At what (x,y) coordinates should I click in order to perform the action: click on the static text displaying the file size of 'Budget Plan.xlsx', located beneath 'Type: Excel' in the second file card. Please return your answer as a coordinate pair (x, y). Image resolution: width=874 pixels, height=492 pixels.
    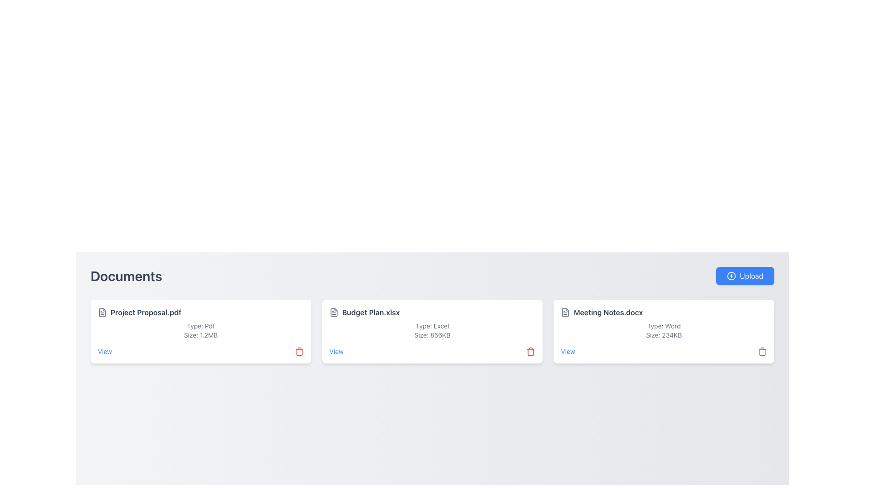
    Looking at the image, I should click on (432, 335).